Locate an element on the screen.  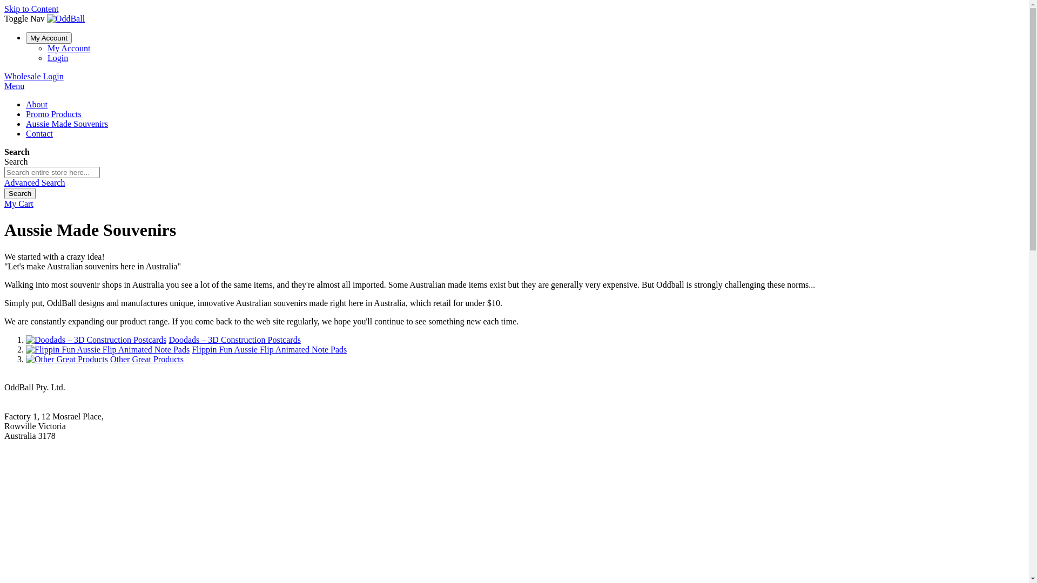
'My Account' is located at coordinates (48, 37).